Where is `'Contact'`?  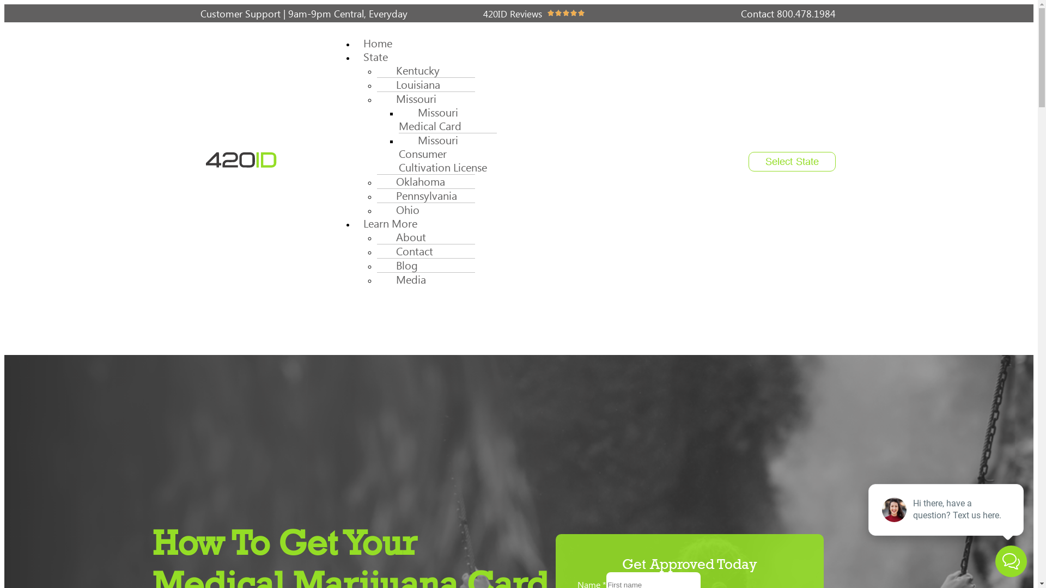
'Contact' is located at coordinates (408, 251).